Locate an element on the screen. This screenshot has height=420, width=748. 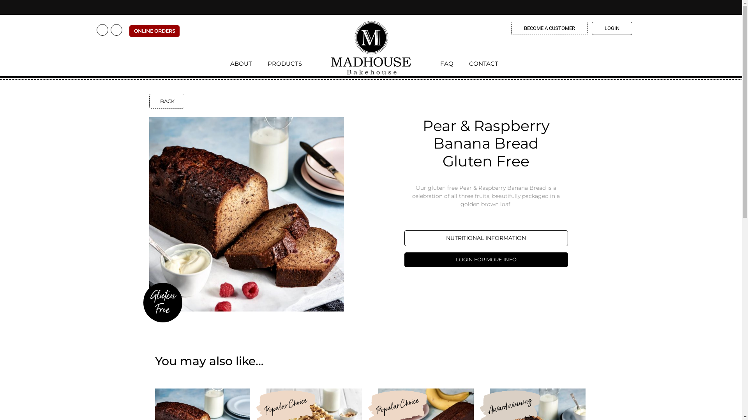
'NUTRITIONAL INFORMATION' is located at coordinates (485, 238).